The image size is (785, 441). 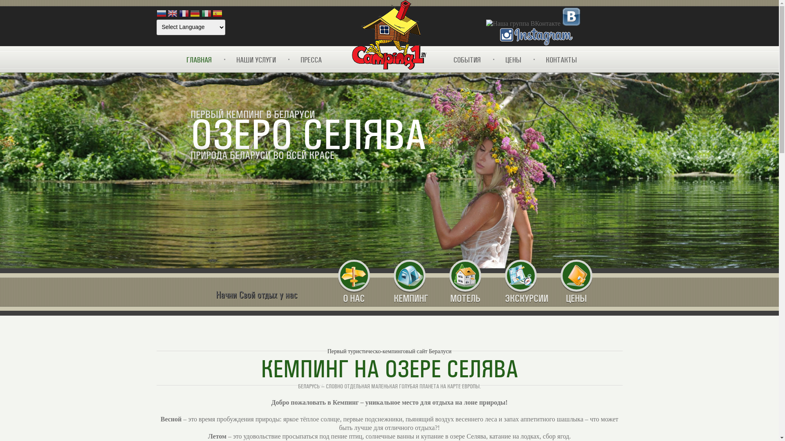 I want to click on 'English', so click(x=167, y=14).